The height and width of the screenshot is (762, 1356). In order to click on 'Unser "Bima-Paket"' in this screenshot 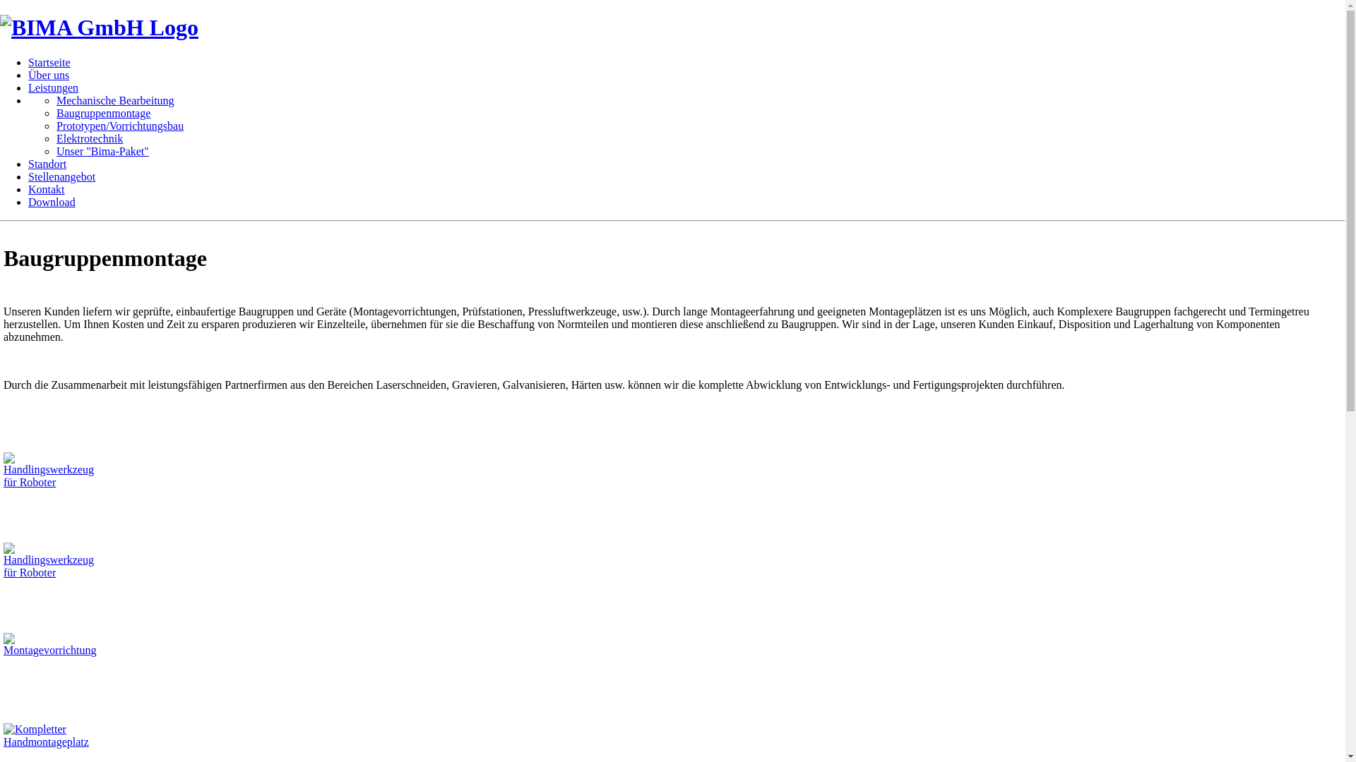, I will do `click(56, 151)`.